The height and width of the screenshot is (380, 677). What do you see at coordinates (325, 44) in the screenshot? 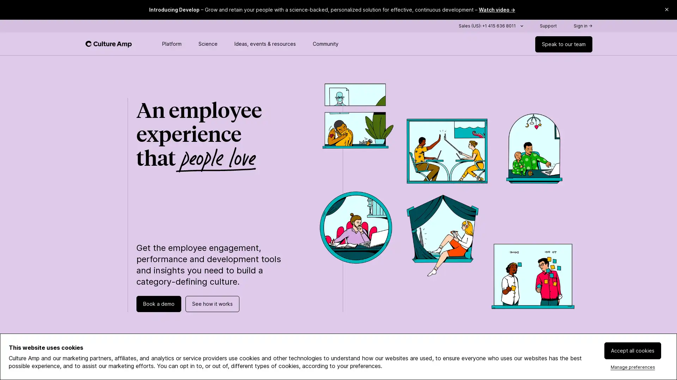
I see `Toggle community menu` at bounding box center [325, 44].